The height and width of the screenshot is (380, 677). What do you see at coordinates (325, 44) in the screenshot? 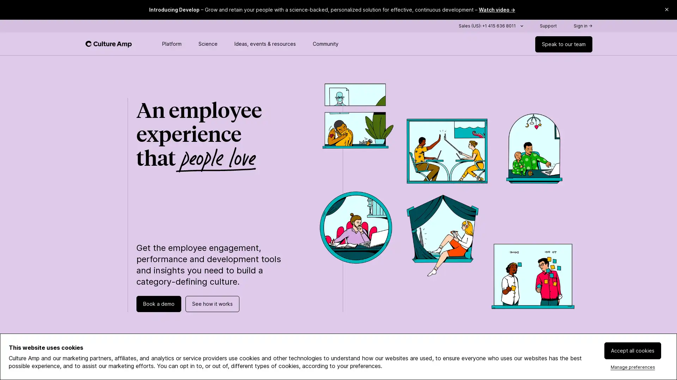
I see `Toggle community menu` at bounding box center [325, 44].